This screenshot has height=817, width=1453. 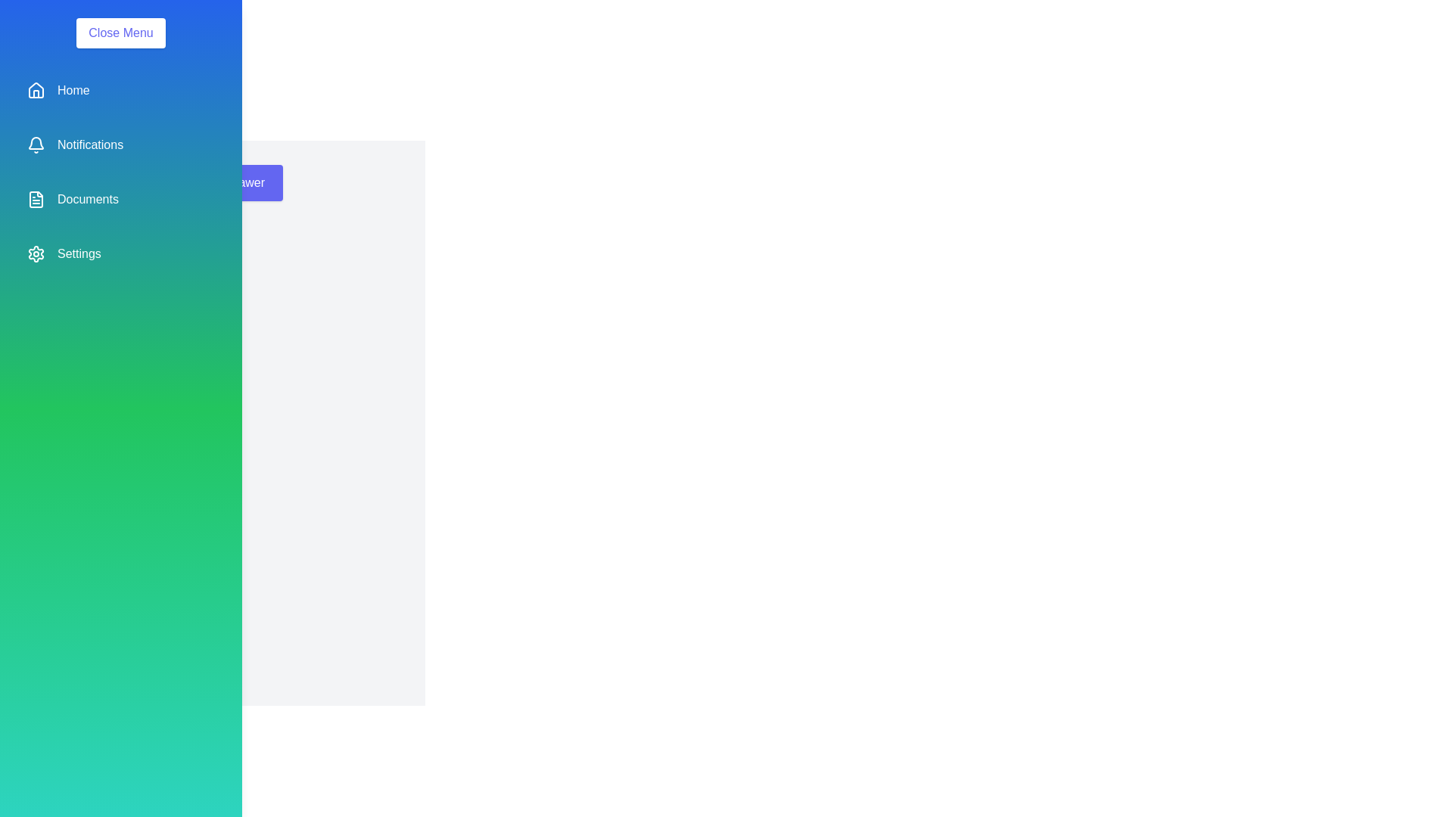 What do you see at coordinates (225, 182) in the screenshot?
I see `the 'Toggle Drawer' button to observe the layout change` at bounding box center [225, 182].